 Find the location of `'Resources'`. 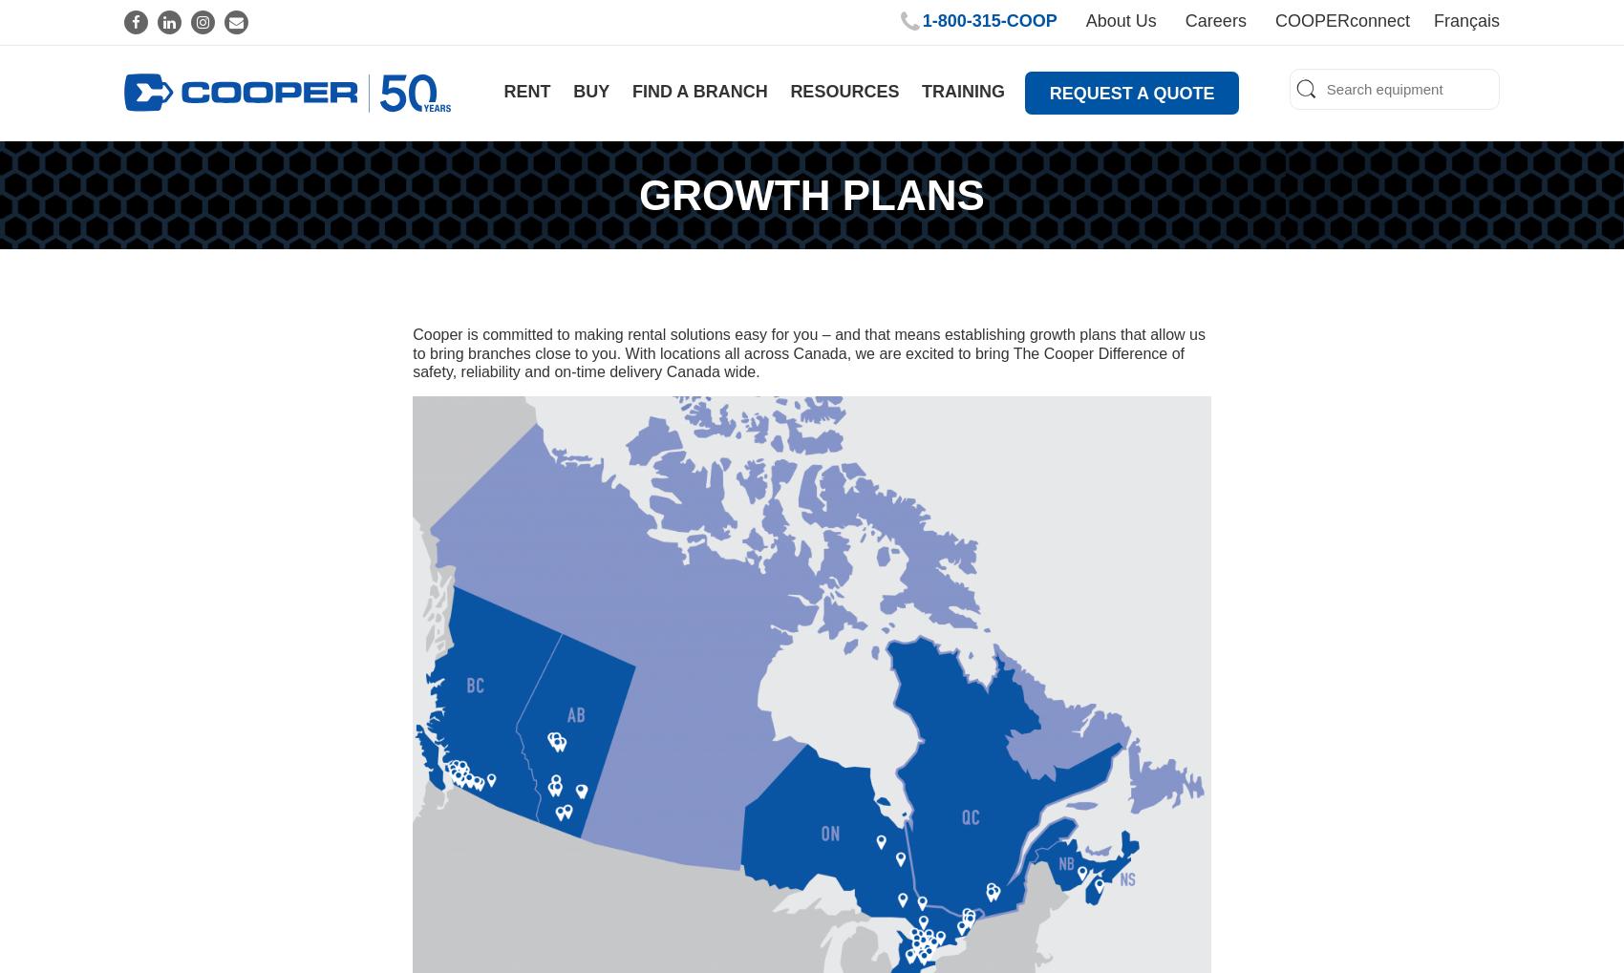

'Resources' is located at coordinates (844, 89).